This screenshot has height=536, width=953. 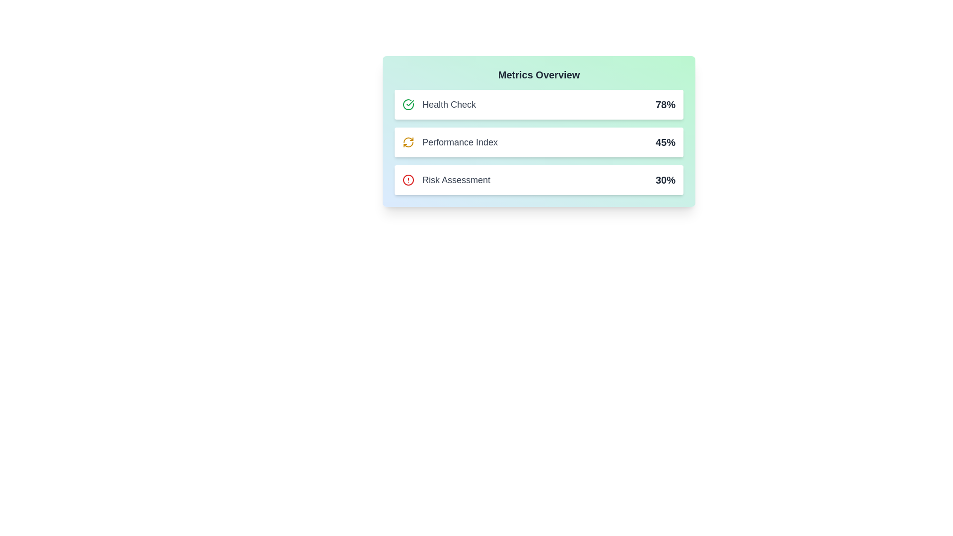 I want to click on the reload icon located to the left of the 'Performance Index' text within the 'Metrics Overview' section, so click(x=408, y=142).